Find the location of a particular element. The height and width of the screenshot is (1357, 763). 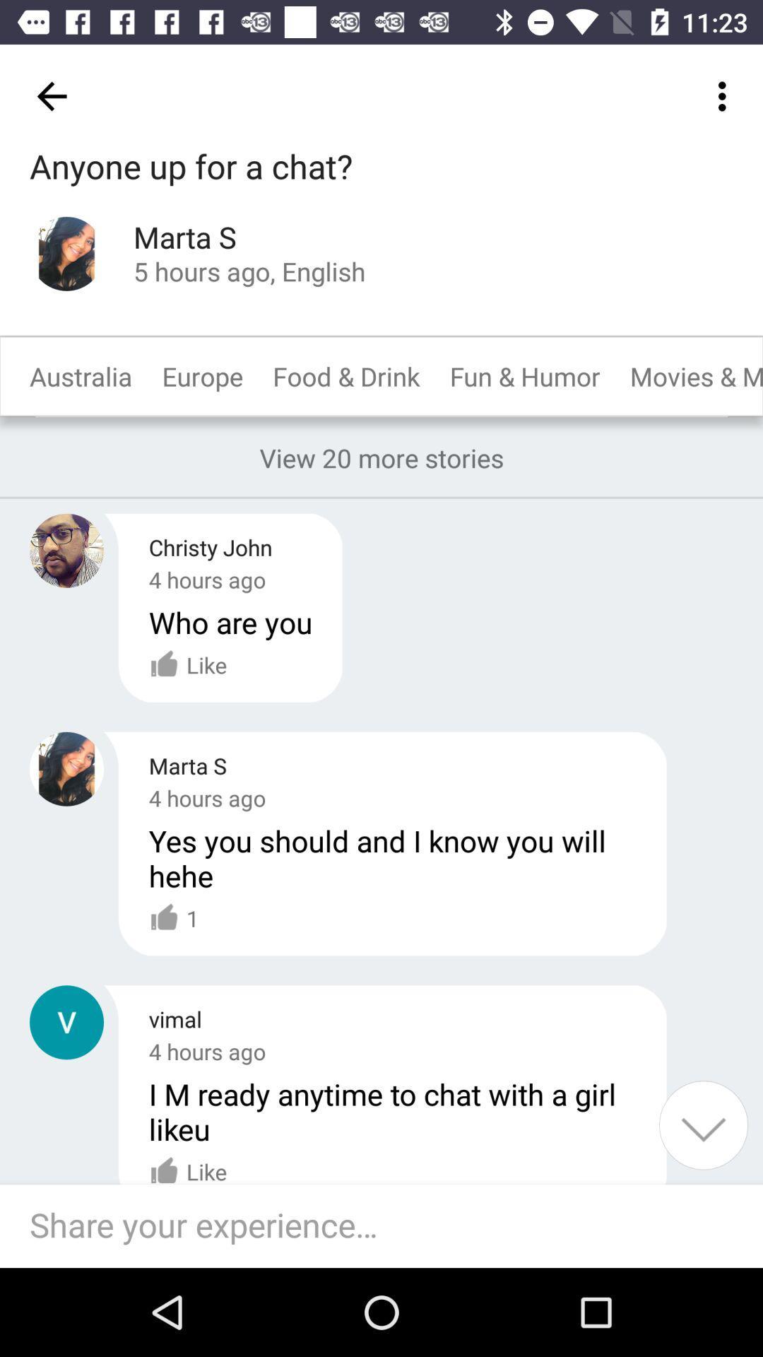

open an user profile is located at coordinates (66, 550).